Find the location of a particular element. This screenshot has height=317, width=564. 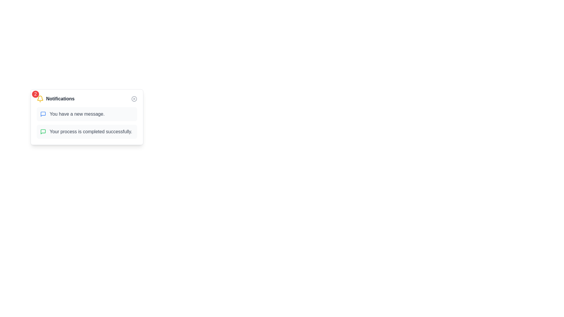

the Text label that serves as a heading for the notifications section, located adjacent to the bell icon at the top of the notification card is located at coordinates (60, 98).